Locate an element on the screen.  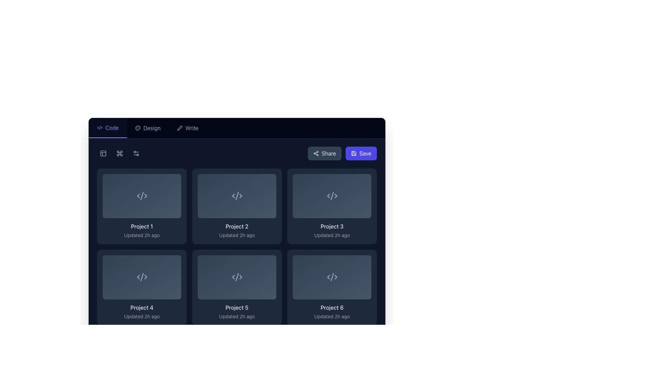
the text label styled with a light text color that reads 'Project 1', located beneath a grey rectangular placeholder with an icon, positioned at the top left of the card grid section is located at coordinates (141, 226).